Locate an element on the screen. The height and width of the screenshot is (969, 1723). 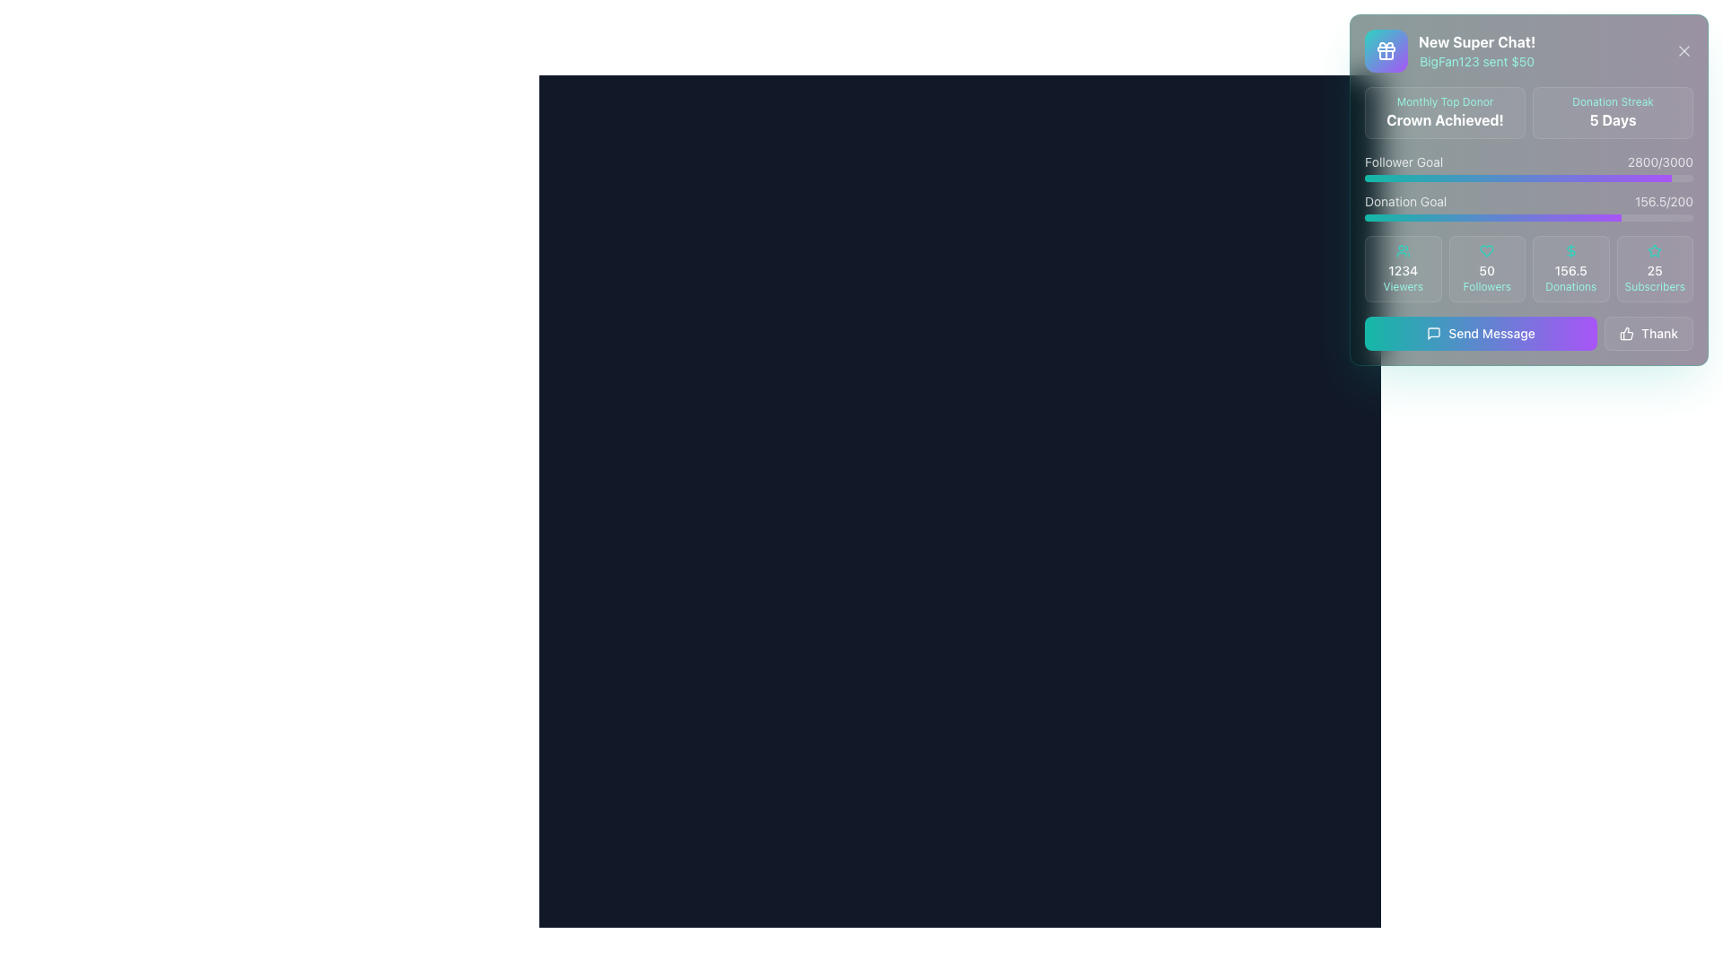
the message sending button located at the bottom left of the interface is located at coordinates (1528, 333).